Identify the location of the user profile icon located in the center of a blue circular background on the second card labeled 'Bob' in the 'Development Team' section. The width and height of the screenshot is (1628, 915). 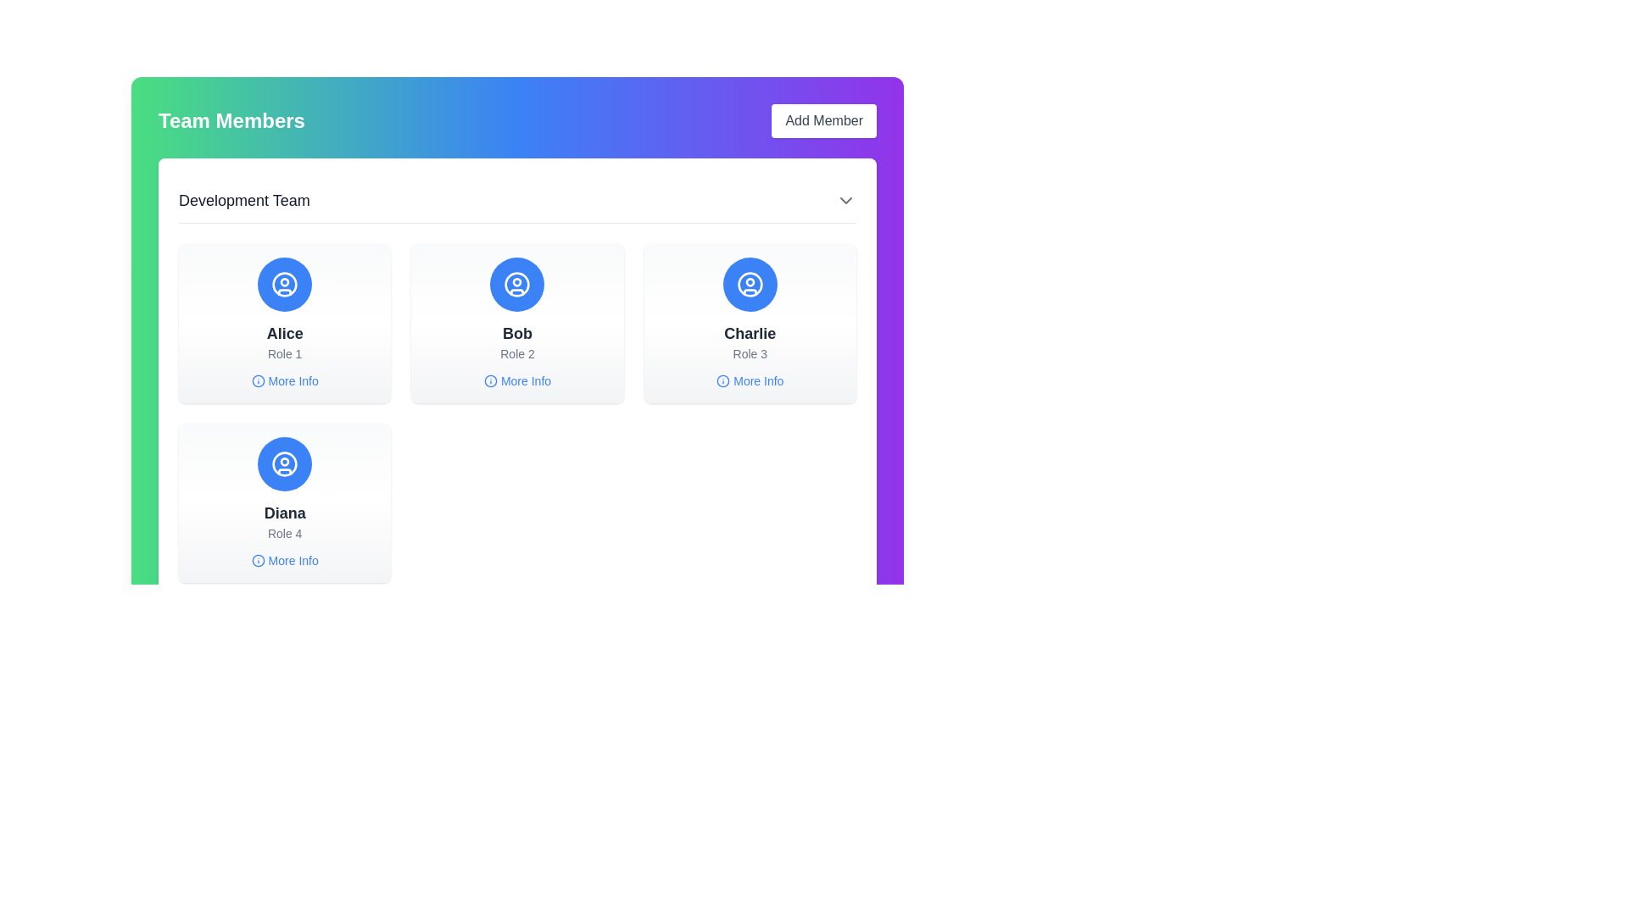
(516, 283).